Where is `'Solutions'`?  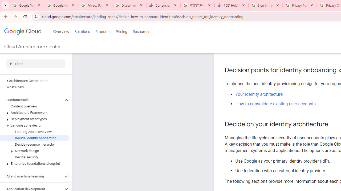
'Solutions' is located at coordinates (82, 32).